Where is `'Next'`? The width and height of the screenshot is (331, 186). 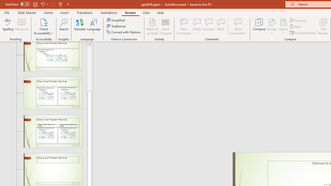 'Next' is located at coordinates (296, 27).